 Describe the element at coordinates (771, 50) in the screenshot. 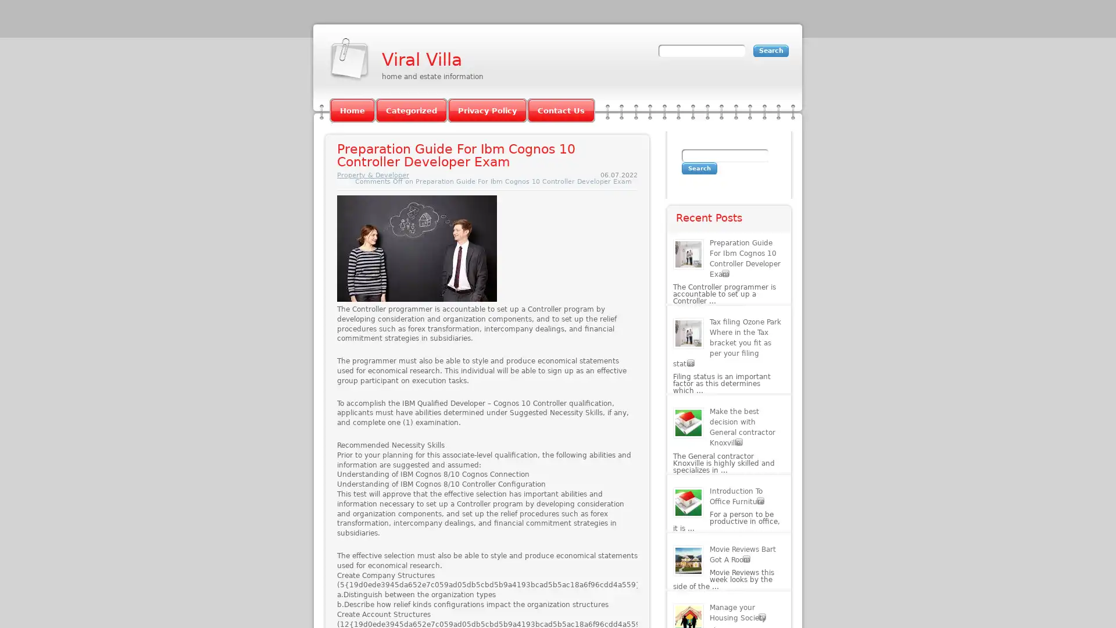

I see `Search` at that location.